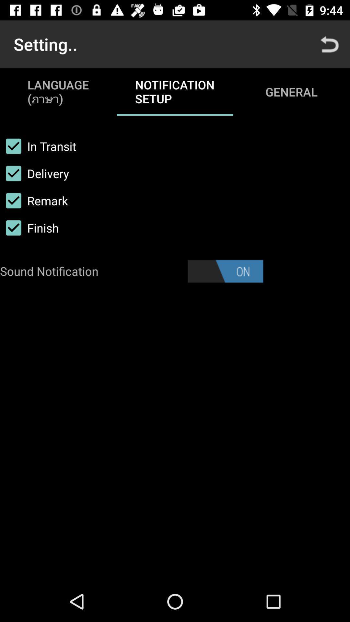 Image resolution: width=350 pixels, height=622 pixels. What do you see at coordinates (34, 200) in the screenshot?
I see `icon below the delivery icon` at bounding box center [34, 200].